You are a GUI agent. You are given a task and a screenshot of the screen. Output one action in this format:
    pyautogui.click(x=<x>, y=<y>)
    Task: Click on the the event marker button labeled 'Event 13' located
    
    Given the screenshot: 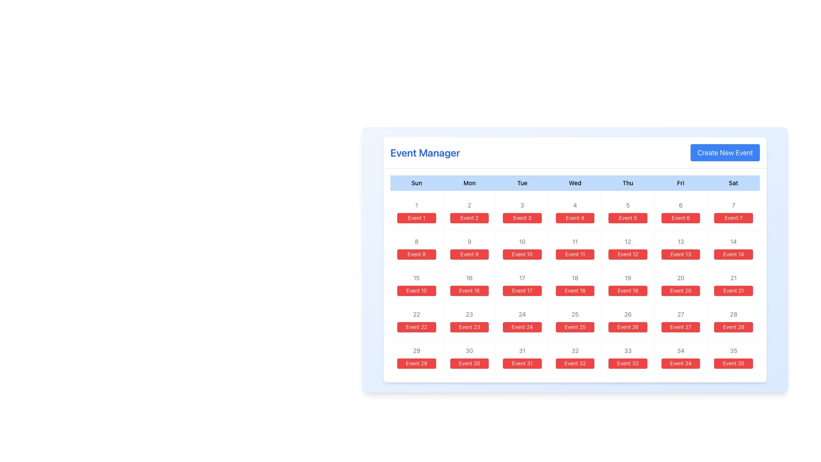 What is the action you would take?
    pyautogui.click(x=680, y=249)
    